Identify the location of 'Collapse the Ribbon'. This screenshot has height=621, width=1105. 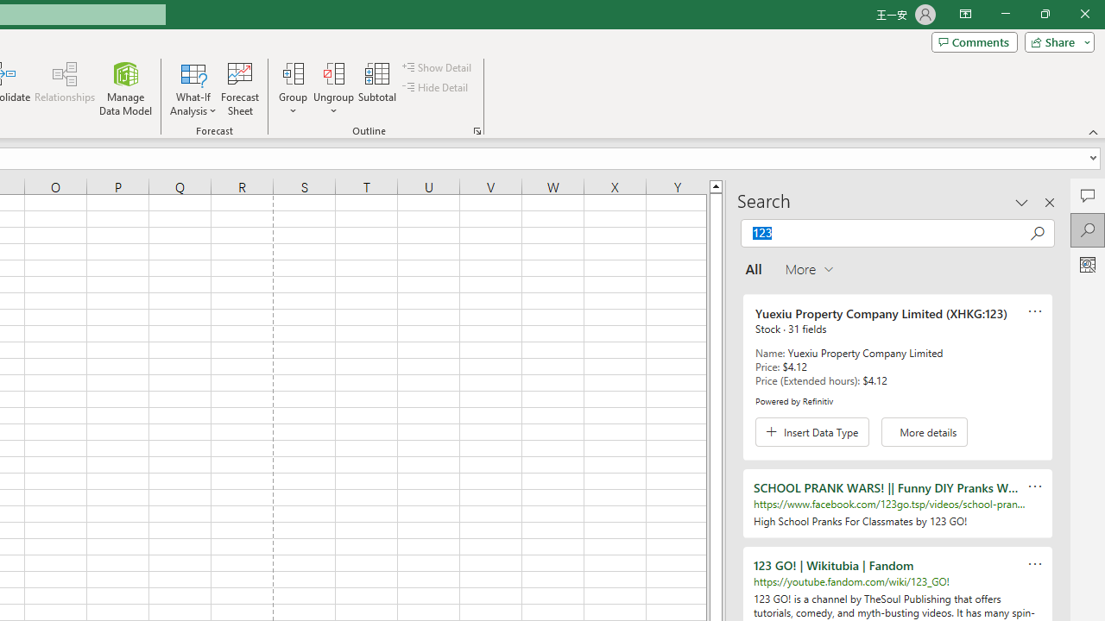
(1093, 131).